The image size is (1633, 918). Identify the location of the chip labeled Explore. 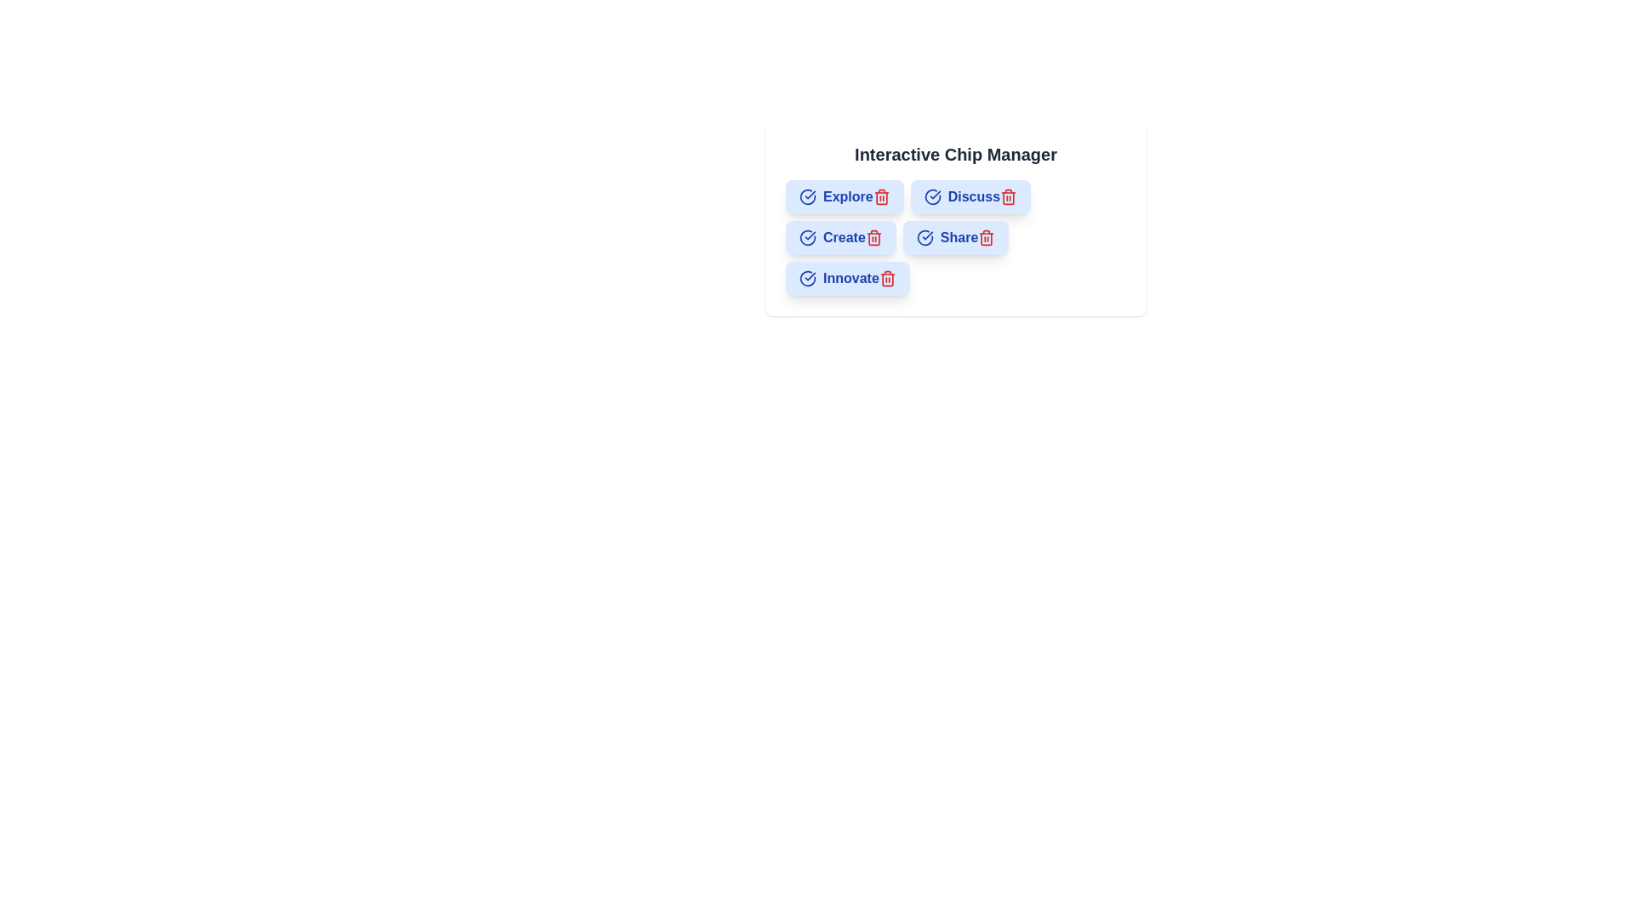
(845, 195).